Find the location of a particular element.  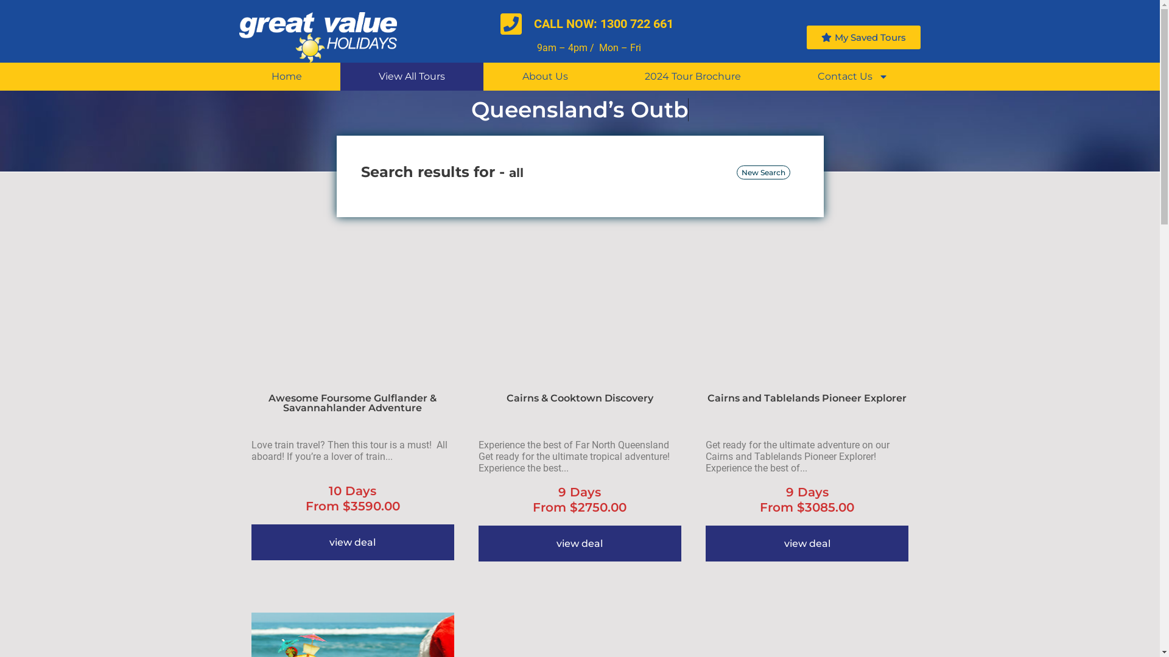

'New Search' is located at coordinates (762, 172).